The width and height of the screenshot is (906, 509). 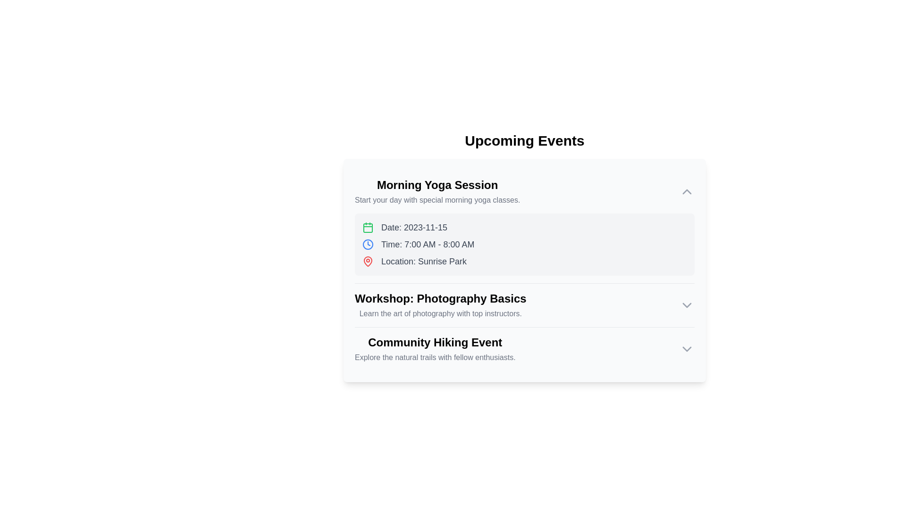 What do you see at coordinates (440, 298) in the screenshot?
I see `the header text for the event titled 'Workshop: Photography Basics', which is located in the second event card under 'Upcoming Events'` at bounding box center [440, 298].